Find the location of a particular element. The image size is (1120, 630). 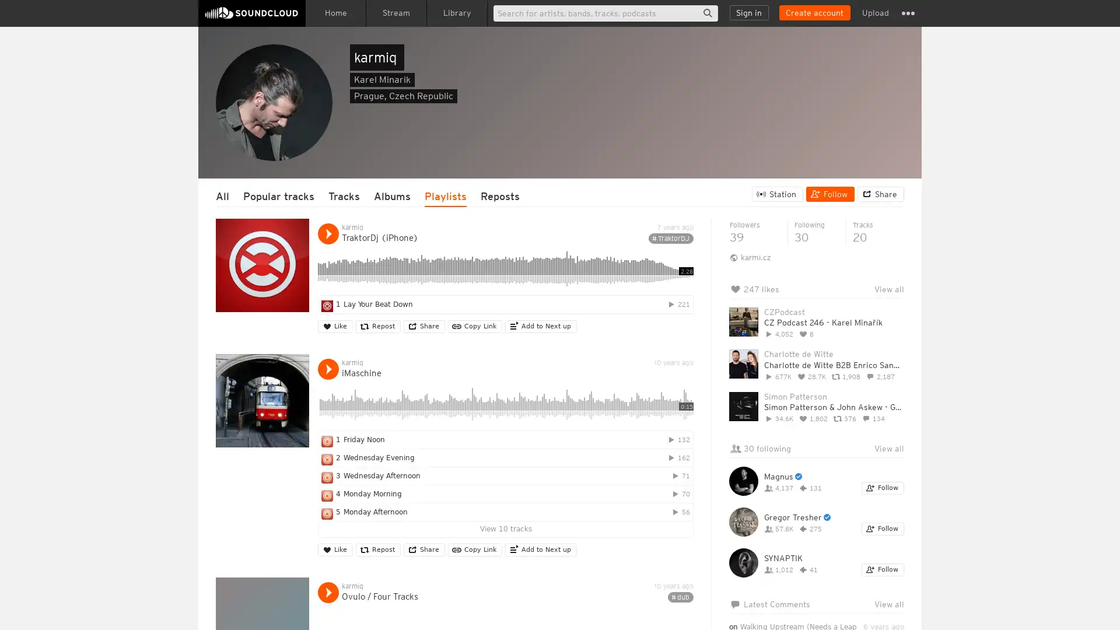

Follow is located at coordinates (883, 569).